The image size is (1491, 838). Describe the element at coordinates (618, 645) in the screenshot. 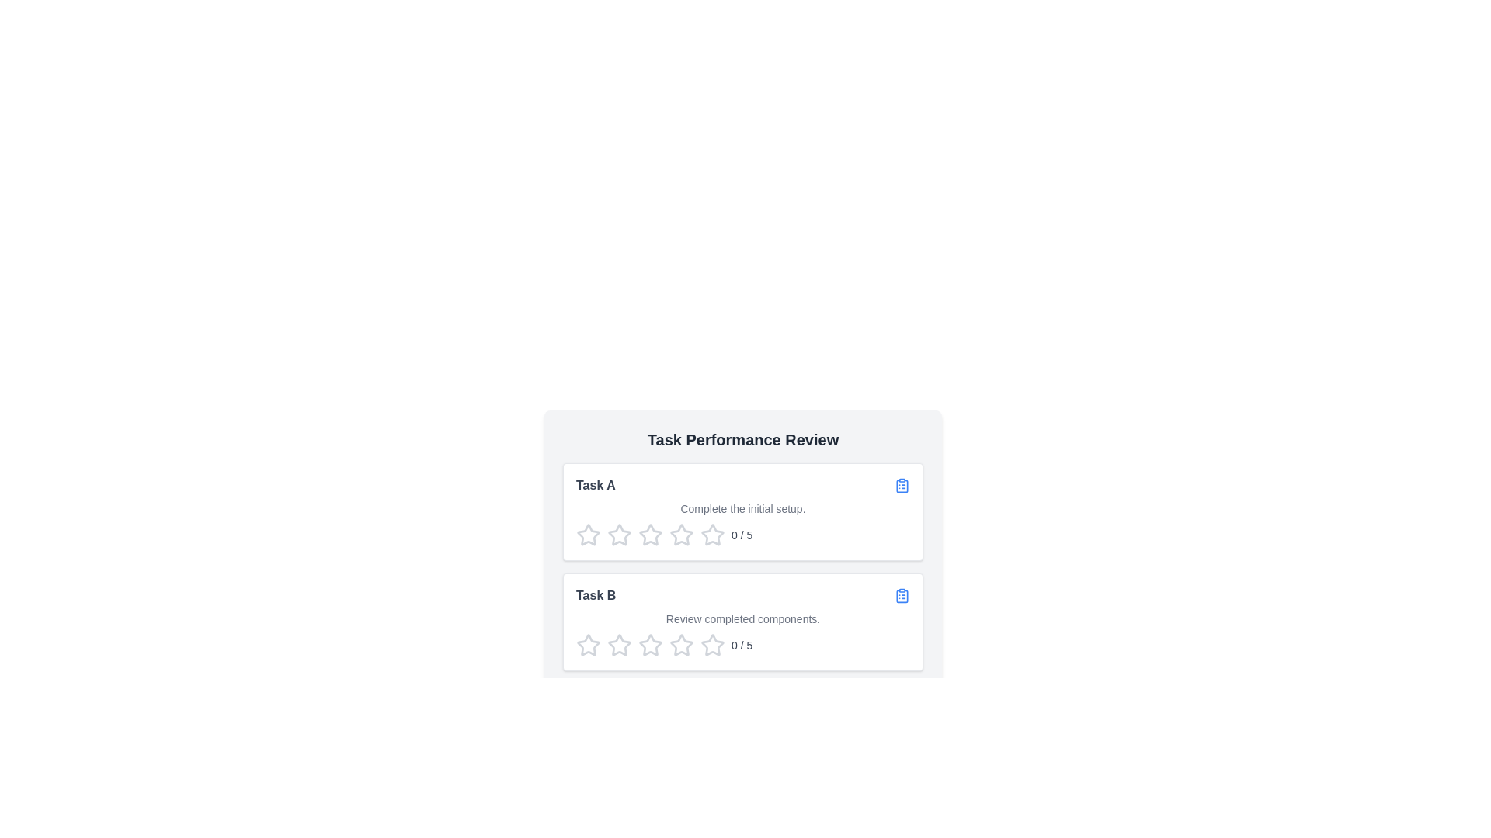

I see `the first star icon in the horizontal arrangement for rating under the 'Task B' section` at that location.